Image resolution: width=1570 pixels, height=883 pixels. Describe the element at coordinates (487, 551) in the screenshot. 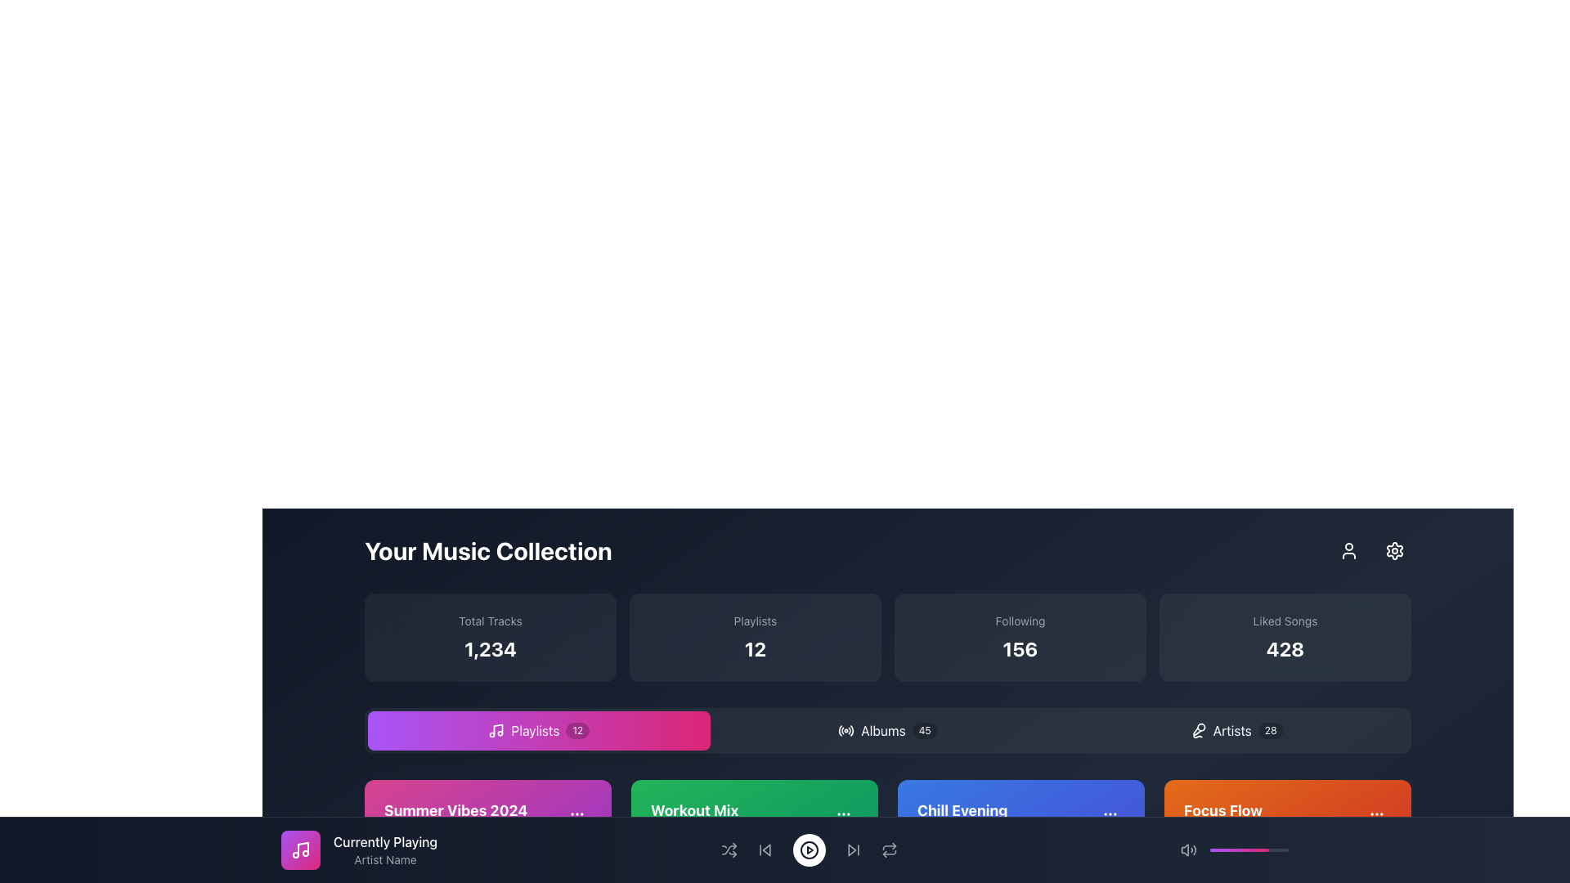

I see `the prominent header text displaying 'Your Music Collection', which is located at the top center of the user interface against a dark background` at that location.